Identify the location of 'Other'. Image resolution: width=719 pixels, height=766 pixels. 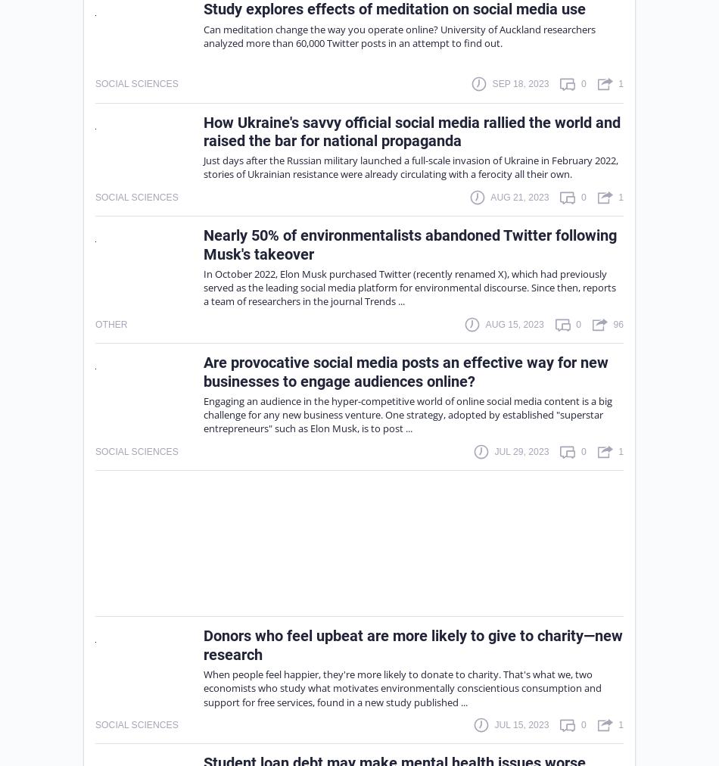
(110, 323).